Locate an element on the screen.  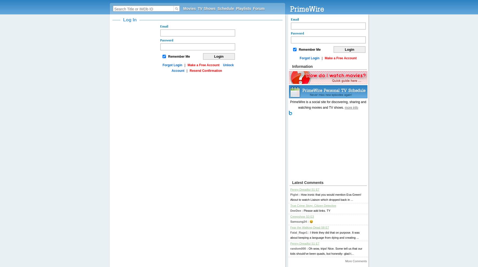
'More Comments' is located at coordinates (356, 261).